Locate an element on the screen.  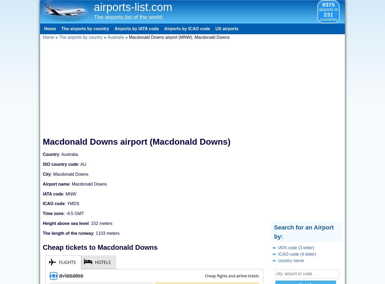
'IATA code' is located at coordinates (42, 194).